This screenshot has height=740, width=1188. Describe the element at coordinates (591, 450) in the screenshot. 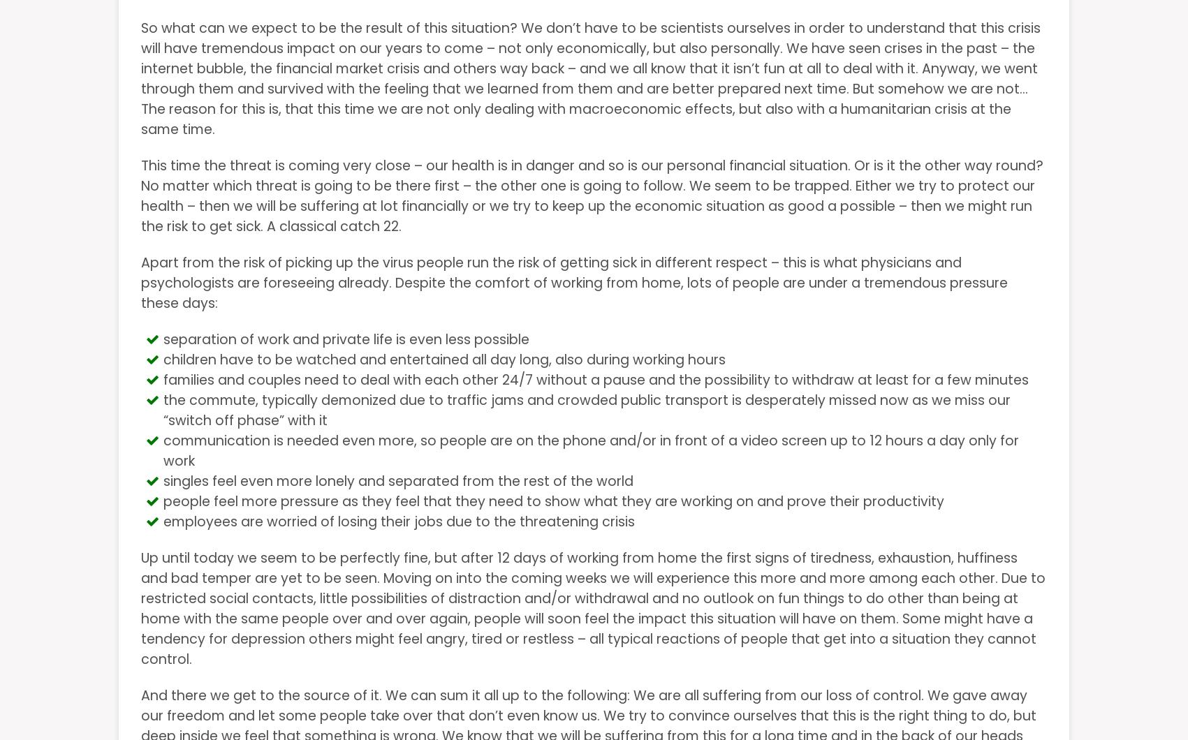

I see `'communication is needed even more, so people are on the phone and/or in front of a video screen up to 12 hours a day only for work'` at that location.